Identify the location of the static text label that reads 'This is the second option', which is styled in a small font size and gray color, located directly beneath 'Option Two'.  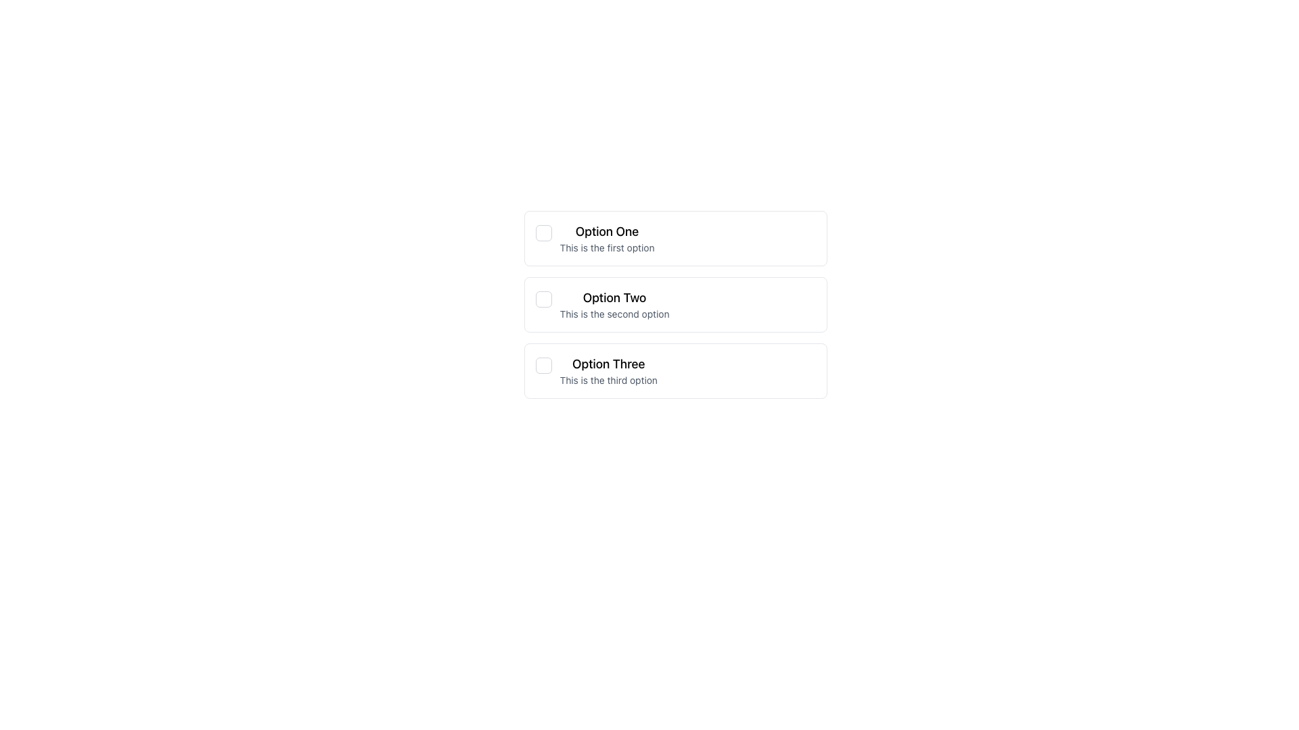
(614, 314).